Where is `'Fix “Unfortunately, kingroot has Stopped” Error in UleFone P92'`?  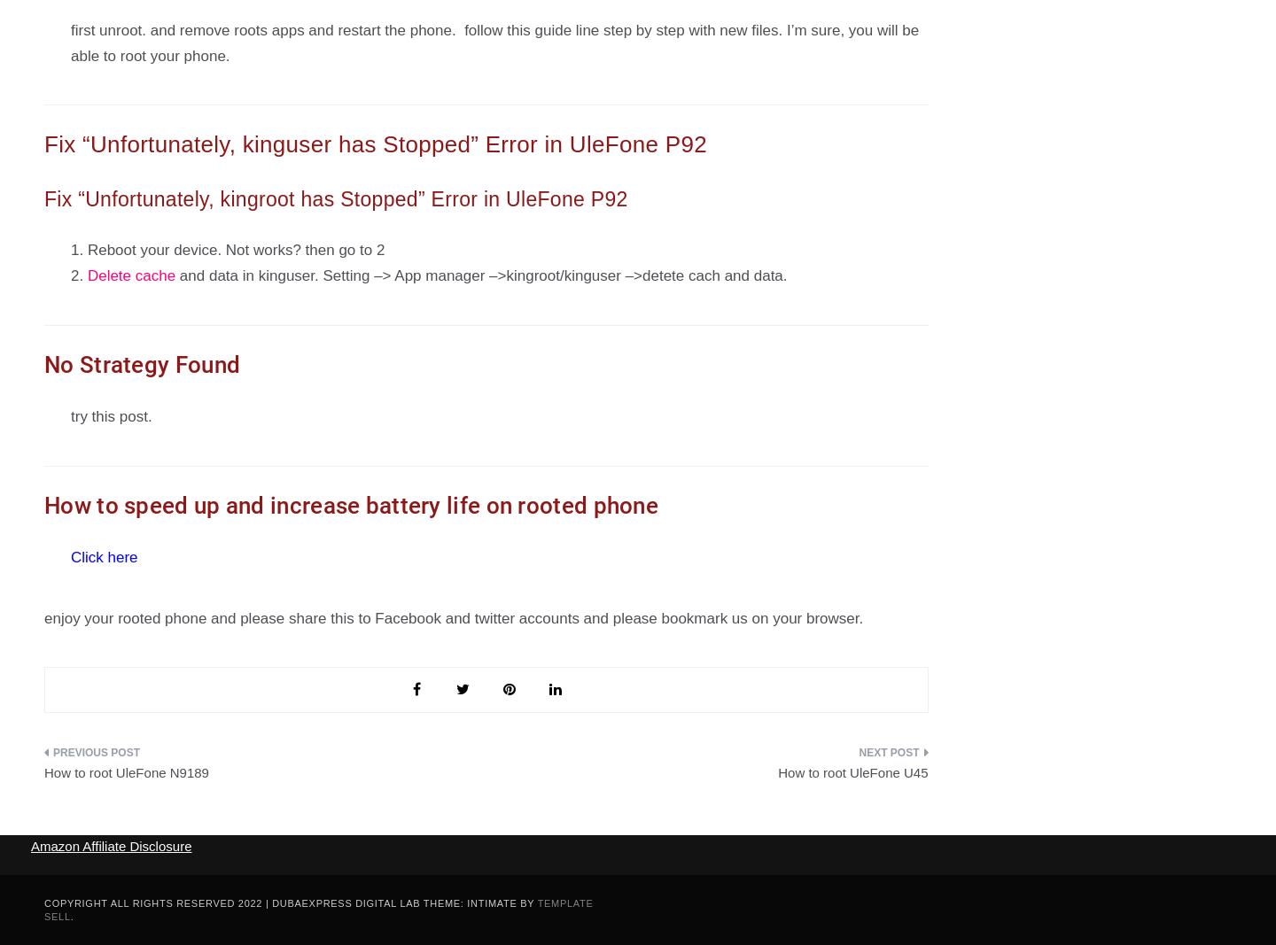
'Fix “Unfortunately, kingroot has Stopped” Error in UleFone P92' is located at coordinates (335, 199).